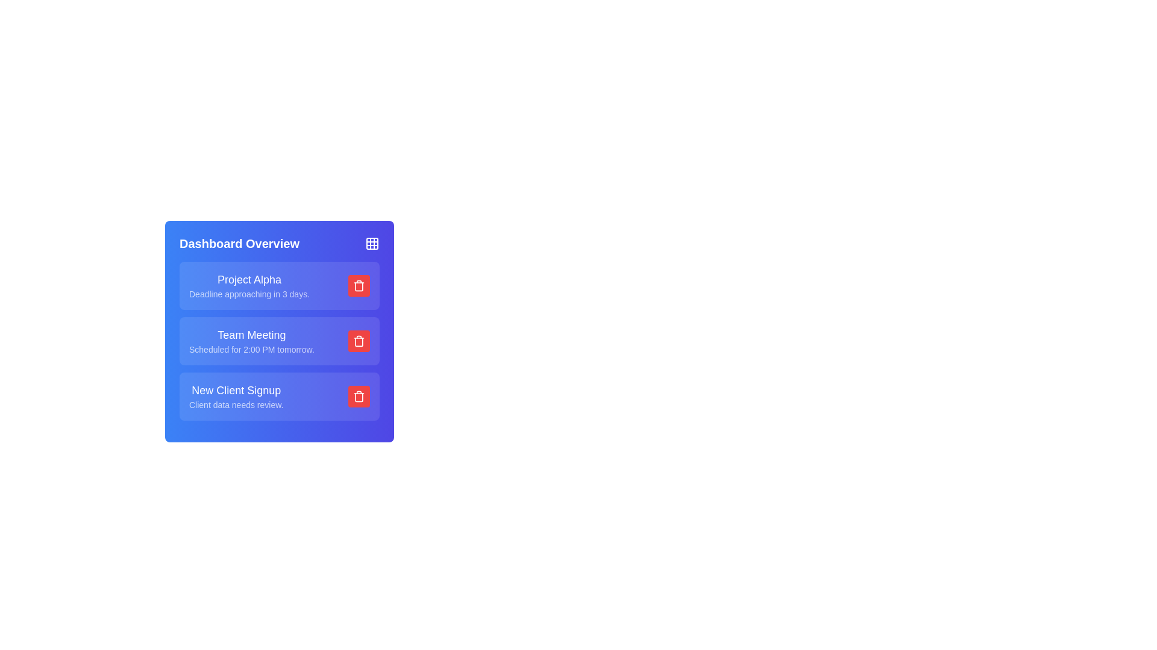  What do you see at coordinates (358, 341) in the screenshot?
I see `the square red button with a trash icon, which is the second delete button in a vertical list` at bounding box center [358, 341].